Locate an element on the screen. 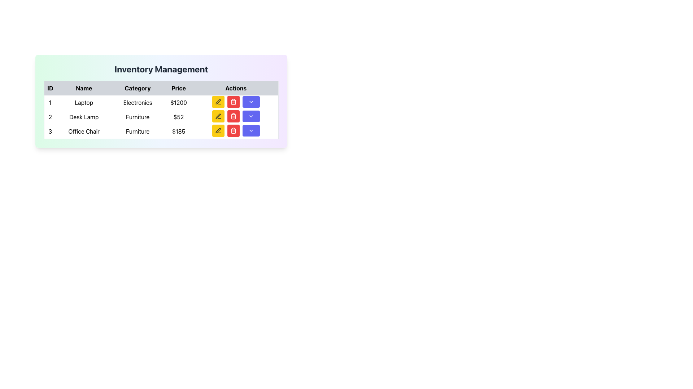  the text within the third row of the table that displays product details, including ID, name, category, and price is located at coordinates (161, 131).